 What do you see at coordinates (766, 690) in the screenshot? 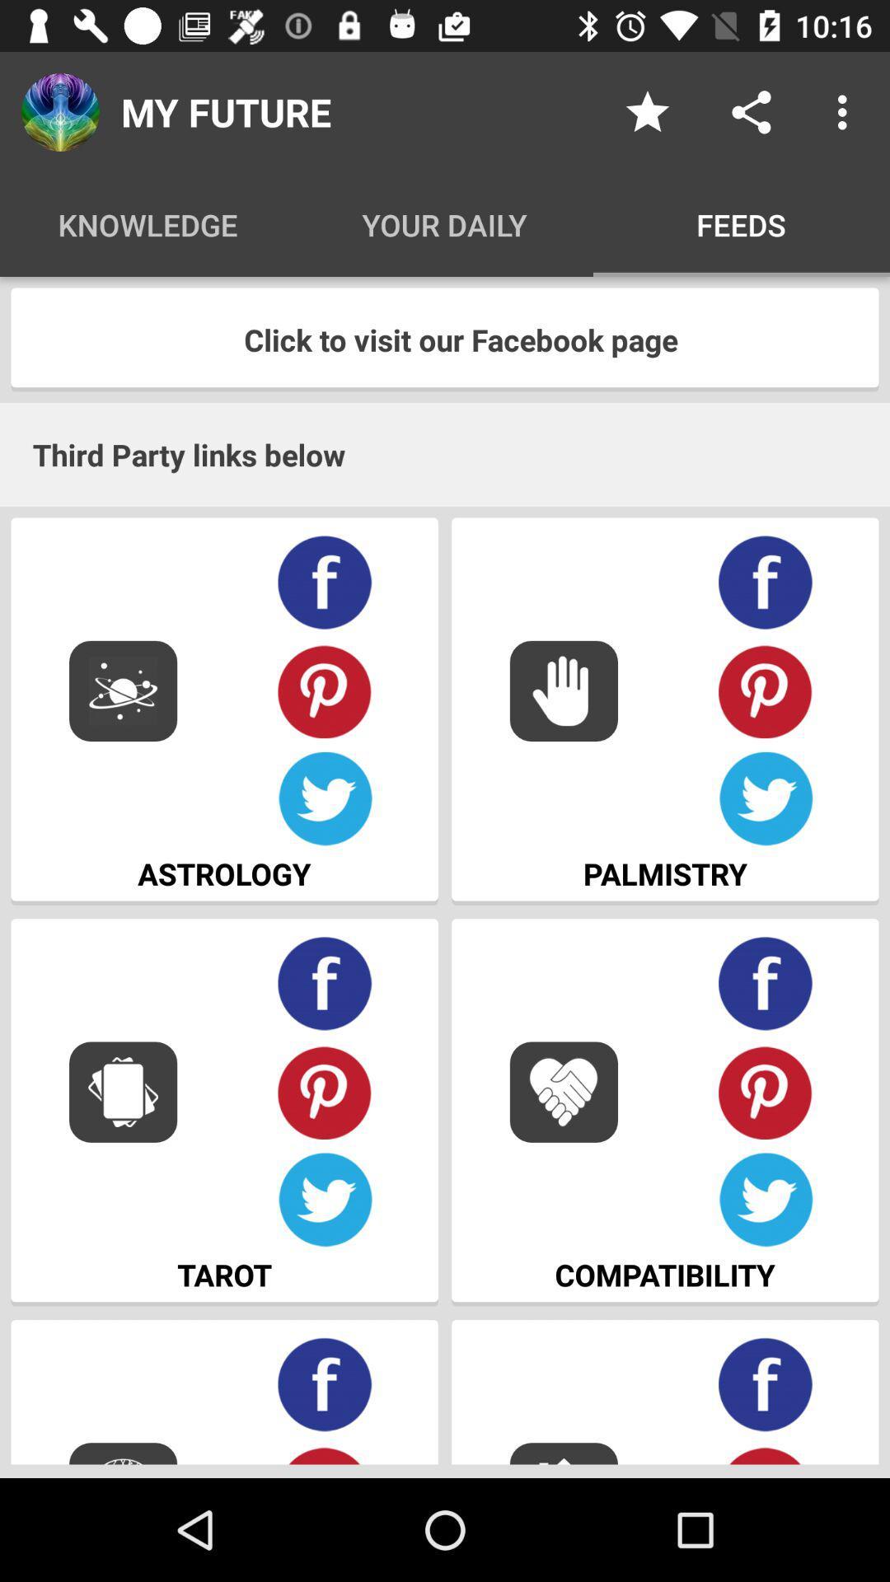
I see `open pinterest` at bounding box center [766, 690].